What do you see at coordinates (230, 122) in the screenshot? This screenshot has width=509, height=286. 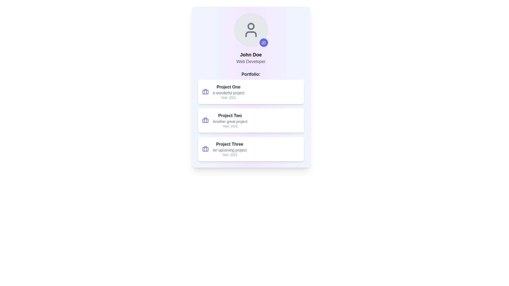 I see `the descriptive subtitle text label for 'Project Two', which is positioned below the title and above the 'Year: 2022' text within the second project card` at bounding box center [230, 122].